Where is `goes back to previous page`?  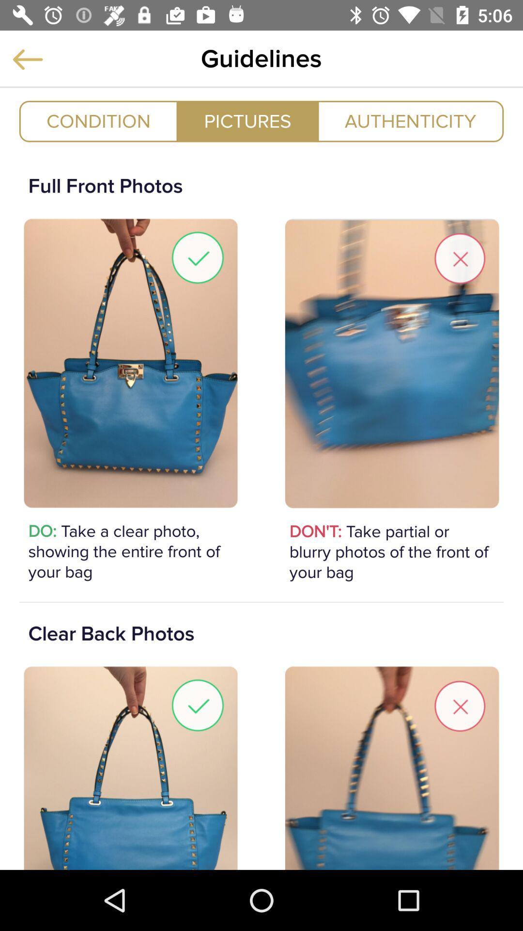 goes back to previous page is located at coordinates (27, 59).